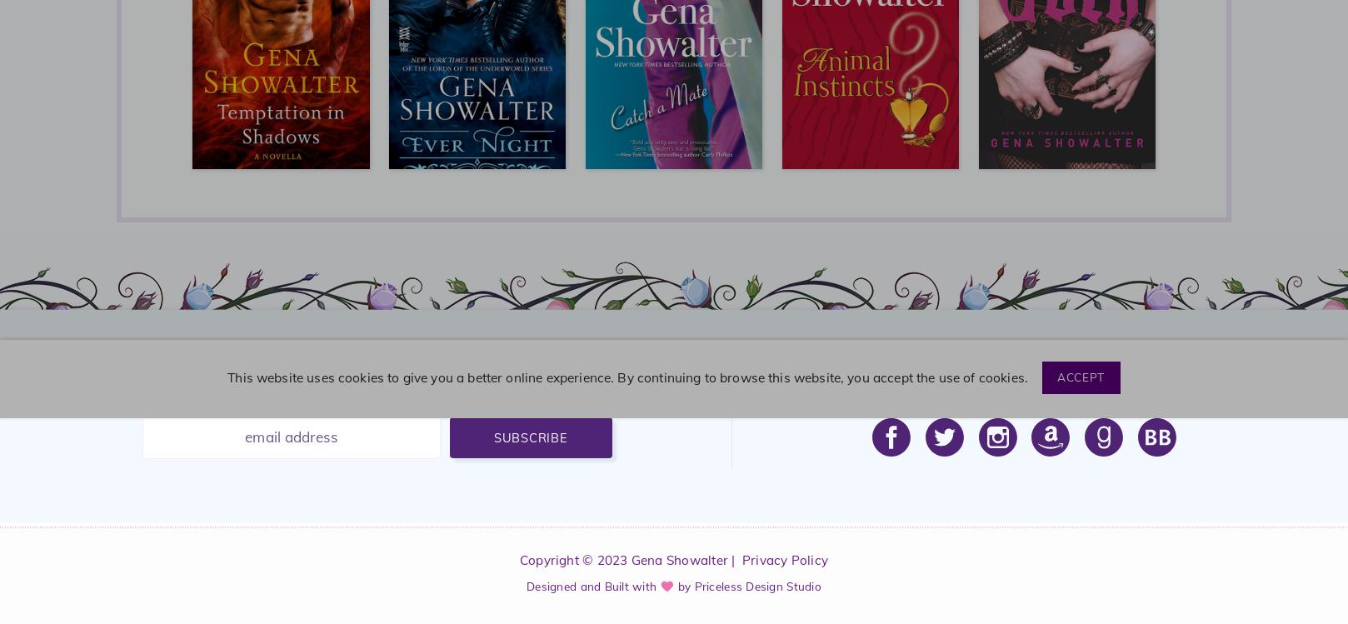  I want to click on 'Priceless Design Studio', so click(756, 585).